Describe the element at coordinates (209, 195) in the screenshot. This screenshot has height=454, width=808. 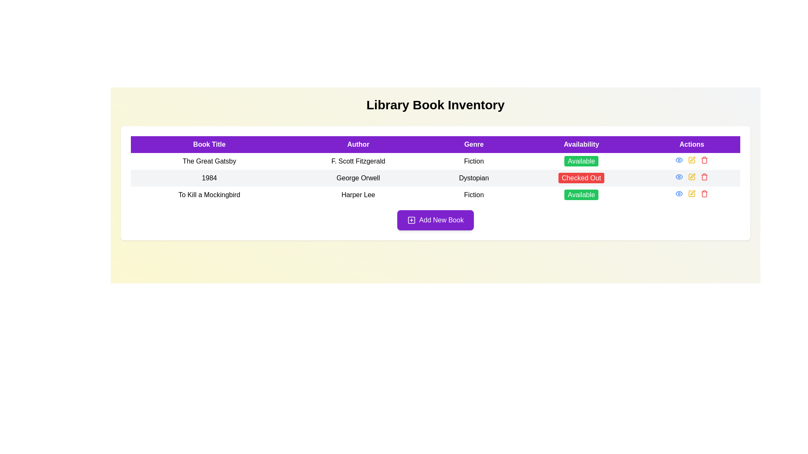
I see `the static label indicating the title of a book in the inventory, located in the 'Book Title' column of the third row of a table` at that location.